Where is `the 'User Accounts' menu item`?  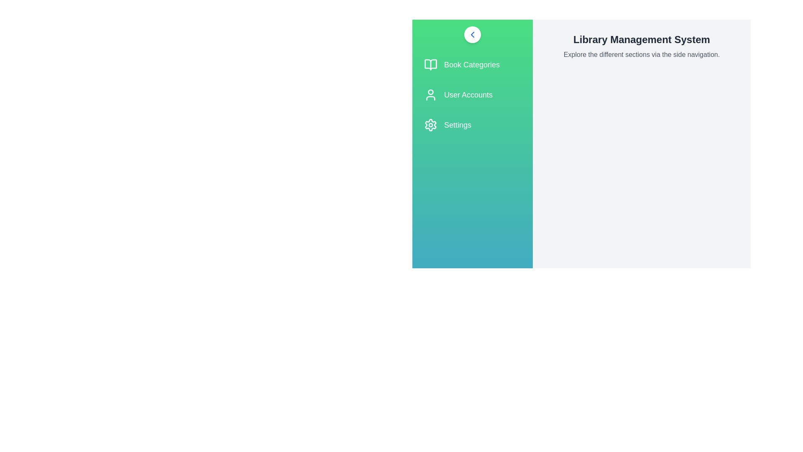
the 'User Accounts' menu item is located at coordinates (472, 95).